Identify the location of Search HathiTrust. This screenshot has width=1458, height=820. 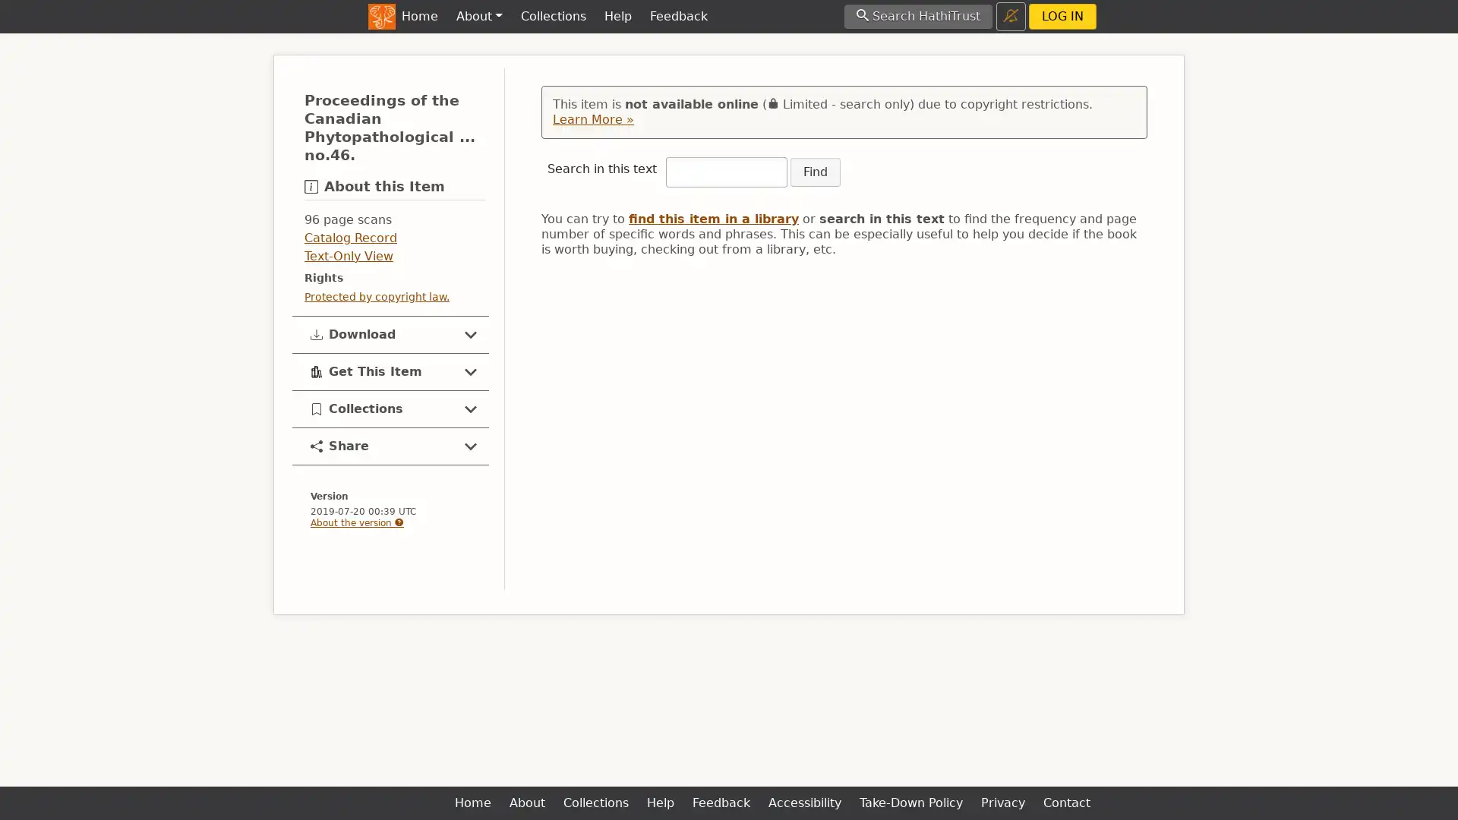
(917, 16).